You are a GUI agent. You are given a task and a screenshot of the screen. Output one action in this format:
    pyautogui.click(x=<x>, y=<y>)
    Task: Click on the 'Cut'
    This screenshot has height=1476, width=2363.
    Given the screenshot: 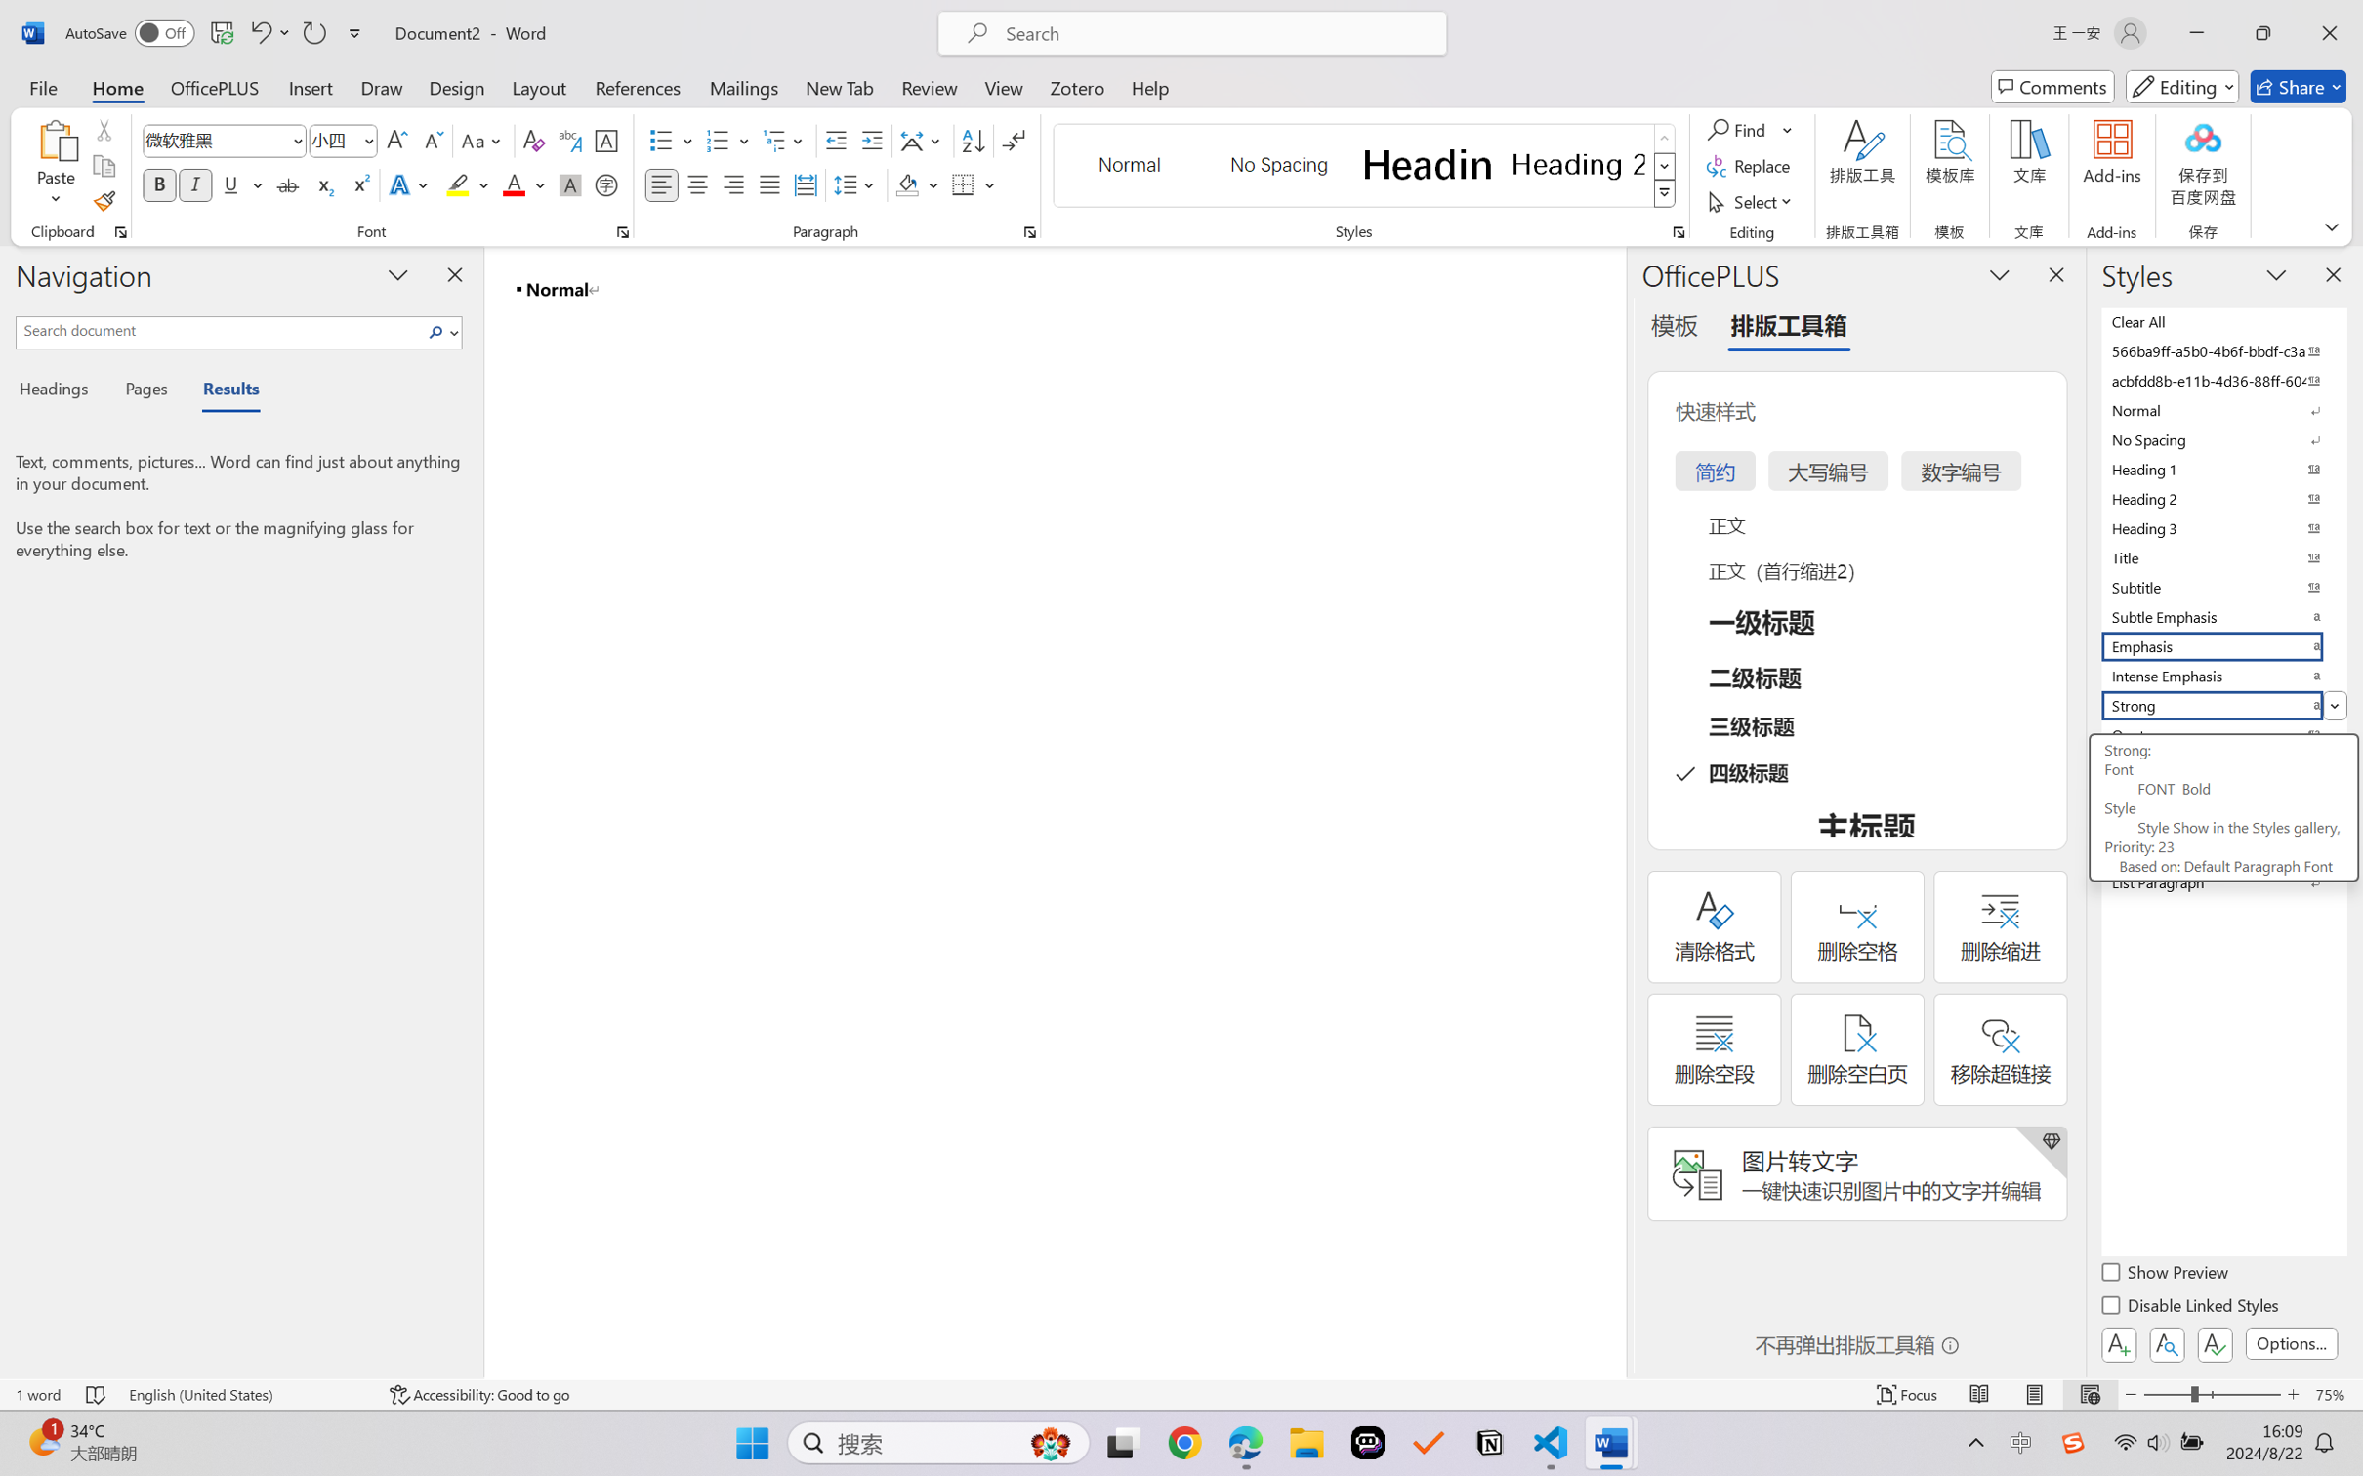 What is the action you would take?
    pyautogui.click(x=103, y=128)
    